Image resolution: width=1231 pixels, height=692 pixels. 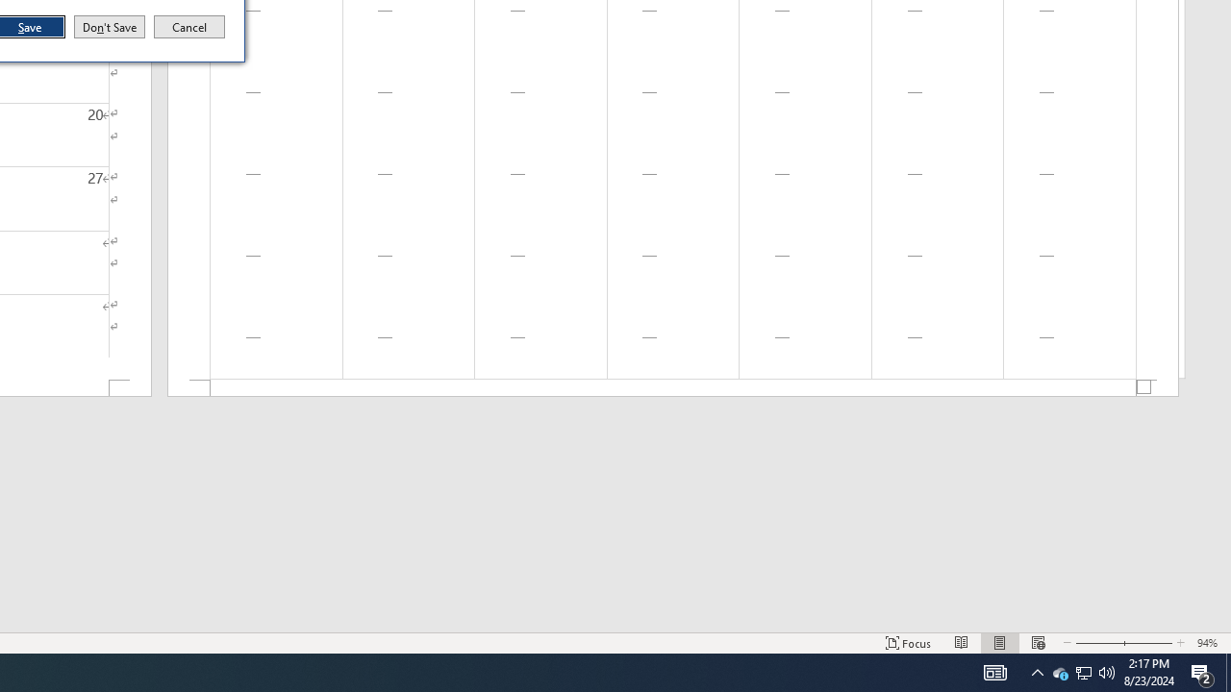 I want to click on 'Action Center, 2 new notifications', so click(x=1202, y=671).